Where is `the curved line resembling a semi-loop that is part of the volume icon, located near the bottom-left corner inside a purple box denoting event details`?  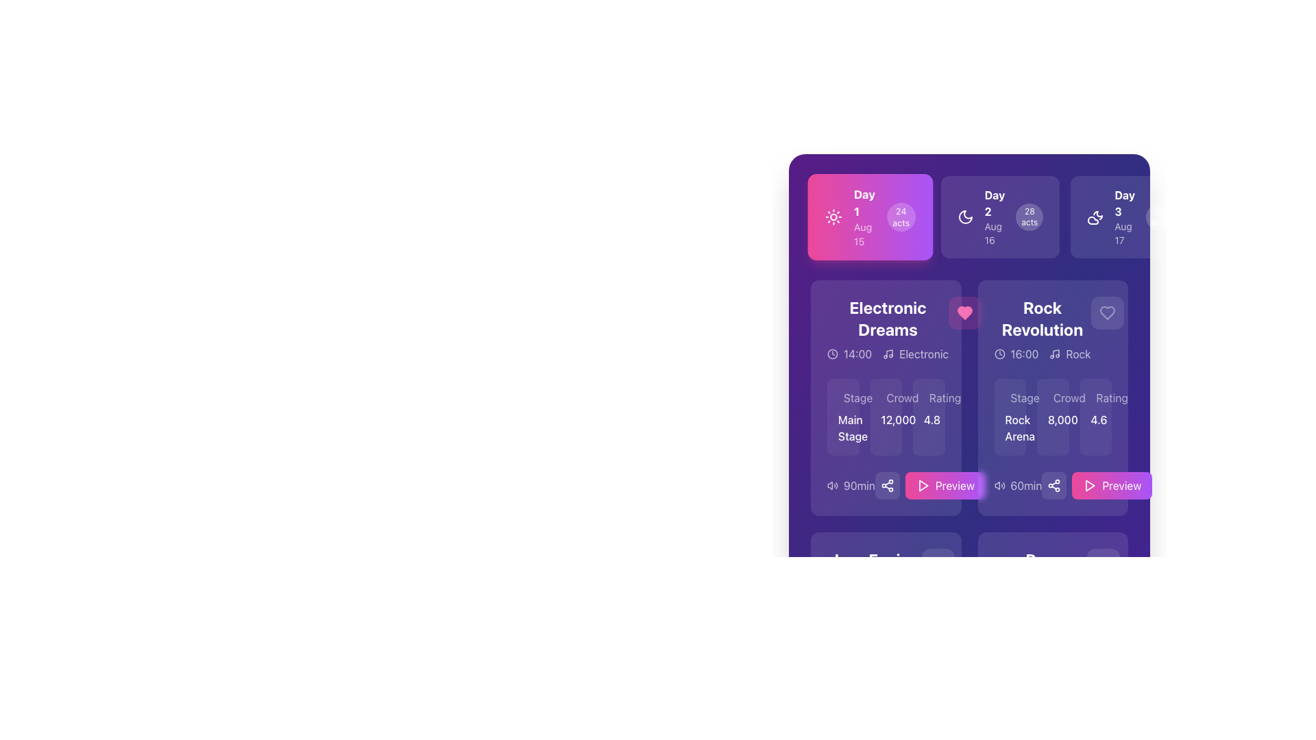
the curved line resembling a semi-loop that is part of the volume icon, located near the bottom-left corner inside a purple box denoting event details is located at coordinates (836, 485).